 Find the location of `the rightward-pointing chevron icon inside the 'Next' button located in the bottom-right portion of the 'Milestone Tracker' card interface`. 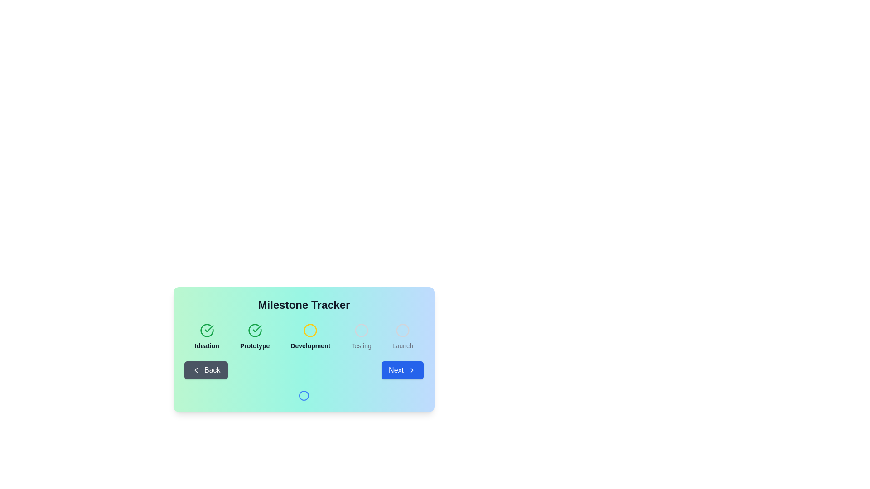

the rightward-pointing chevron icon inside the 'Next' button located in the bottom-right portion of the 'Milestone Tracker' card interface is located at coordinates (411, 370).